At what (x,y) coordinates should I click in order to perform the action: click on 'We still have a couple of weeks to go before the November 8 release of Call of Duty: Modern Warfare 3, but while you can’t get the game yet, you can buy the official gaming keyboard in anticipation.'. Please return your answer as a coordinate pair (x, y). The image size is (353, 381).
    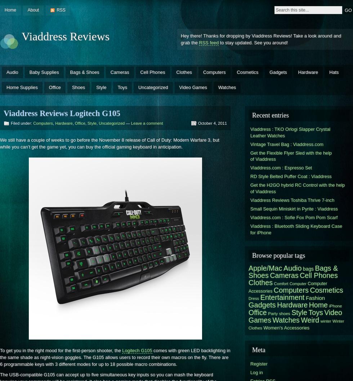
    Looking at the image, I should click on (109, 143).